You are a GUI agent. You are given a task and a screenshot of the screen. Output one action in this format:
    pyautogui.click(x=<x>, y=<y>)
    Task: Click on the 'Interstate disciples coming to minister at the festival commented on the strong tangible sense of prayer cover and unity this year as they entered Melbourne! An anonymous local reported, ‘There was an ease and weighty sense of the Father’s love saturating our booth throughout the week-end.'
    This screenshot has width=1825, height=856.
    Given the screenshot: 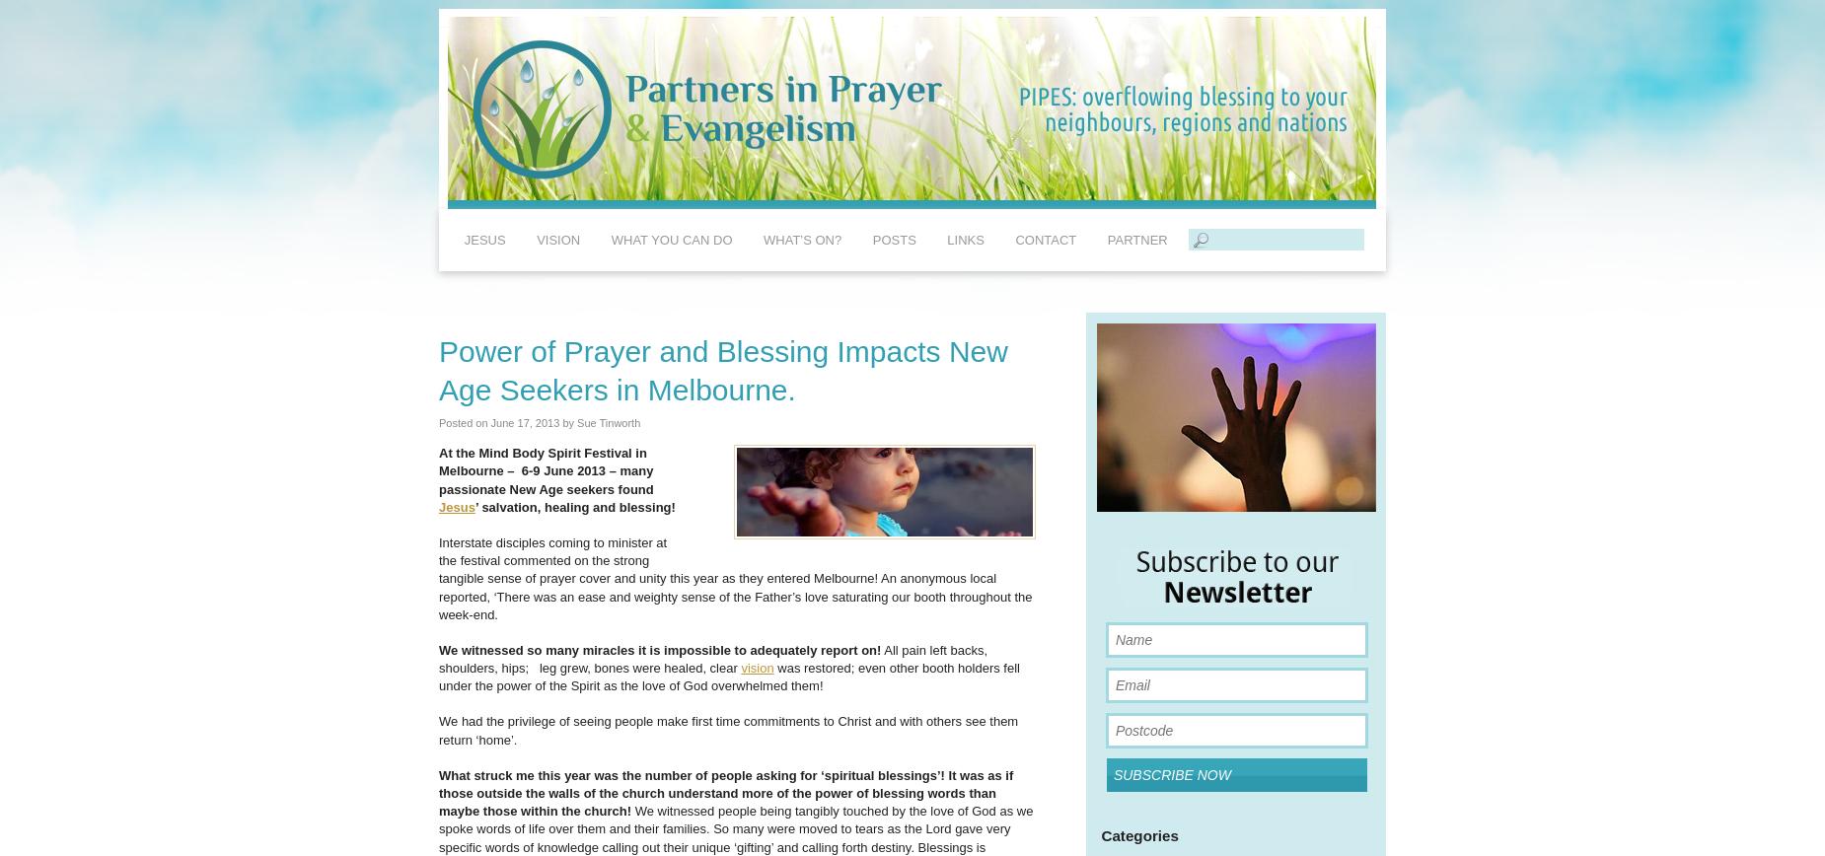 What is the action you would take?
    pyautogui.click(x=437, y=577)
    